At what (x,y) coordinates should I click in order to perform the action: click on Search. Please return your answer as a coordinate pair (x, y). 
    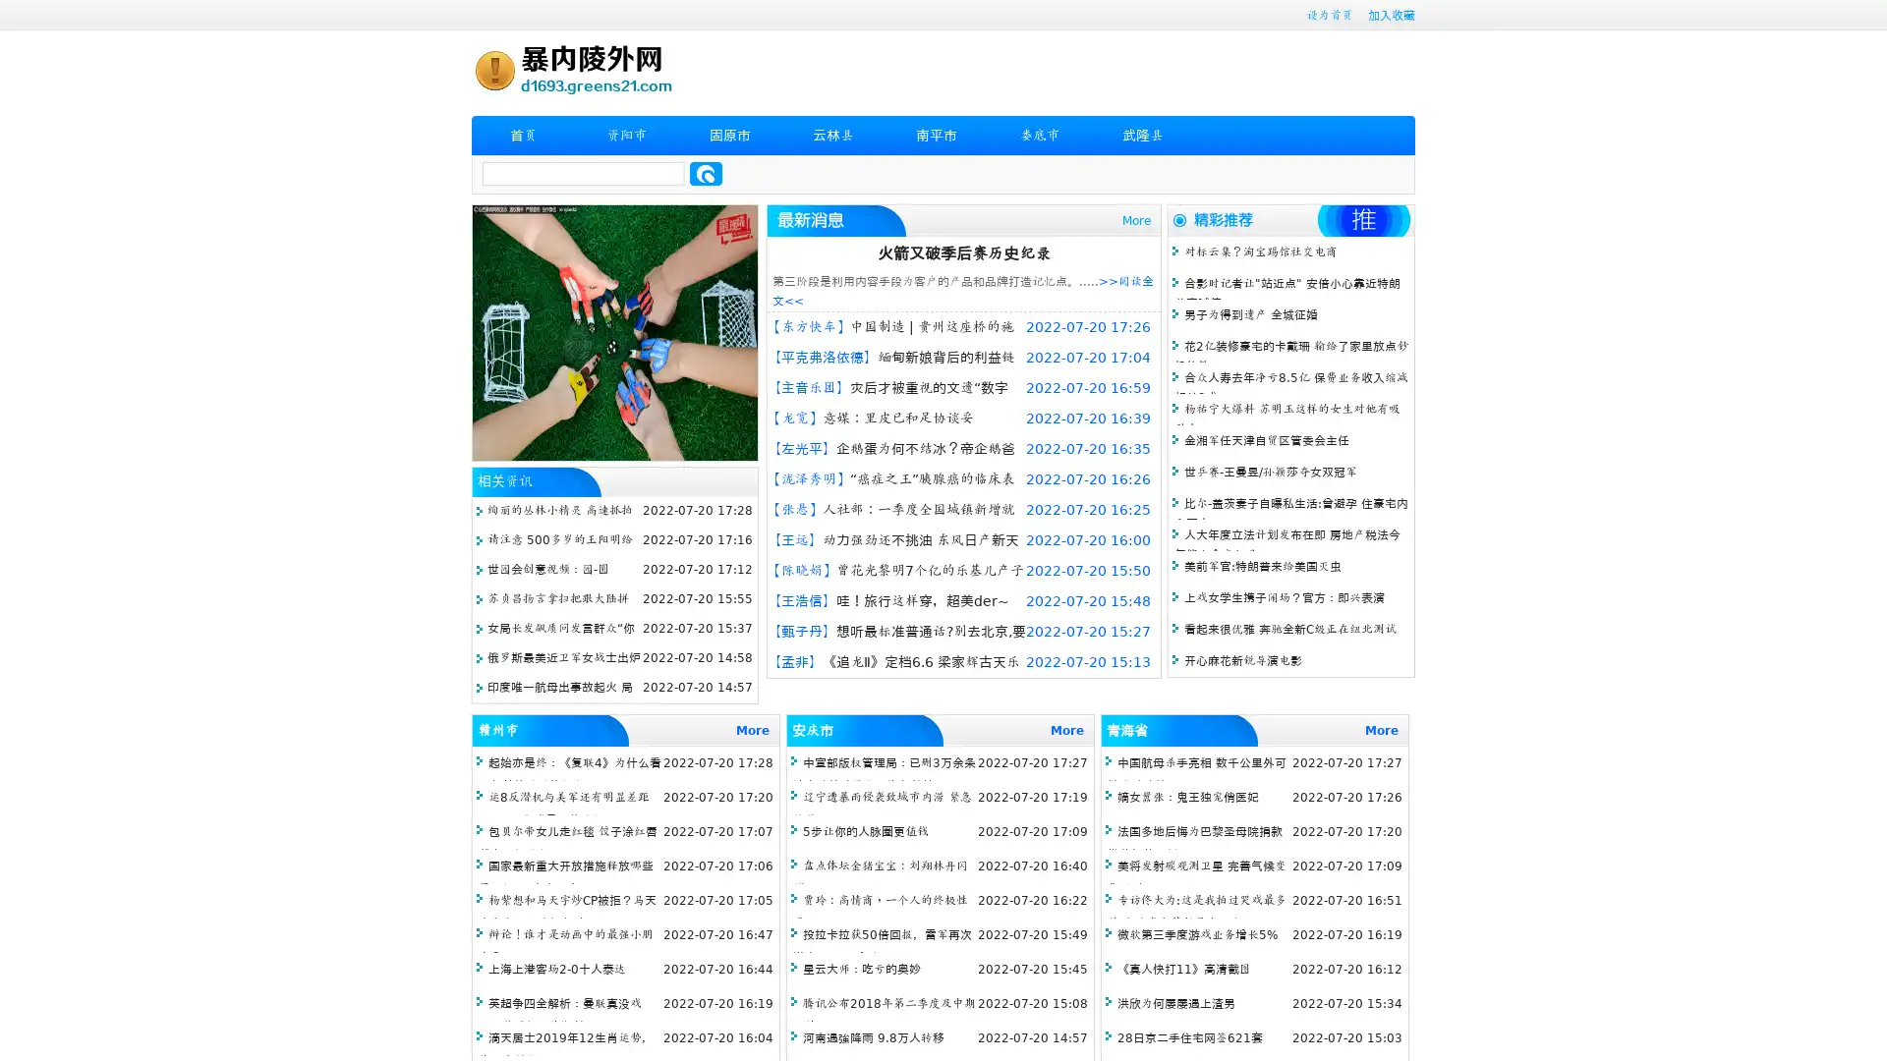
    Looking at the image, I should click on (706, 173).